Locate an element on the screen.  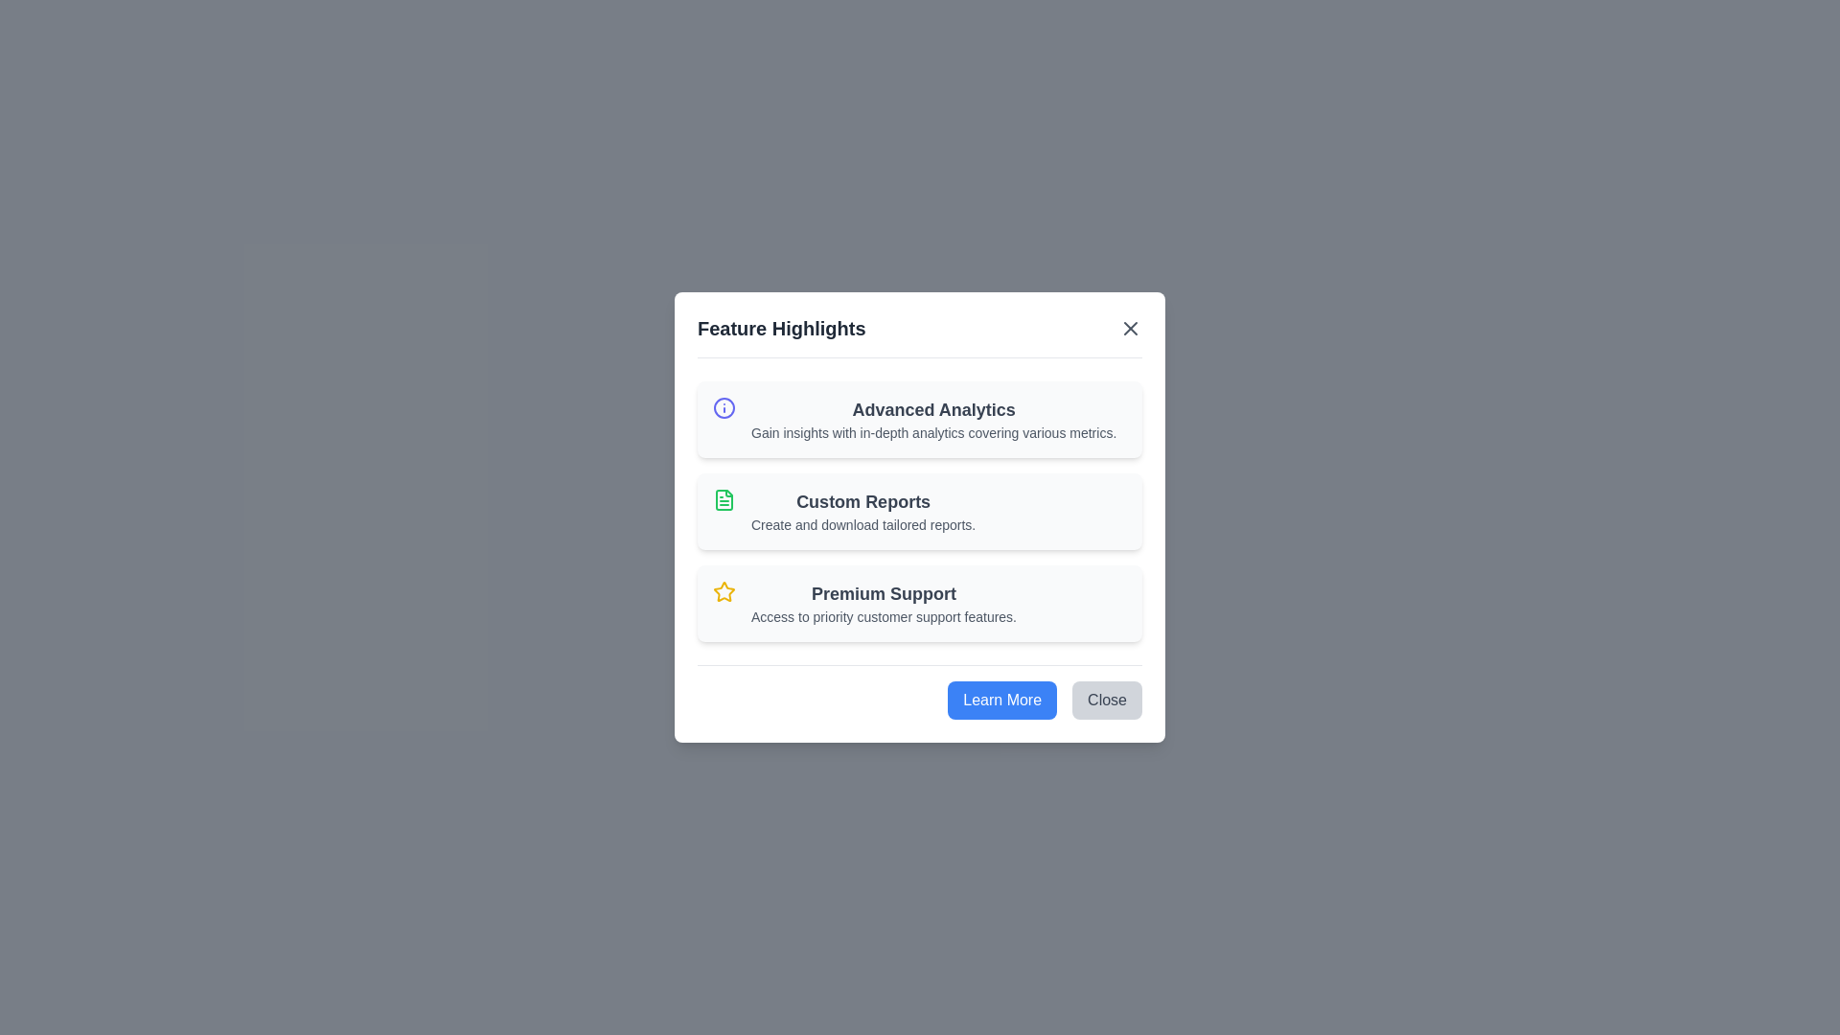
the 'Learn More' button, which is a rectangular button with rounded corners in vibrant blue with white text, located in the bottom right corner of a modal dialog, to observe the hover effect is located at coordinates (1001, 701).